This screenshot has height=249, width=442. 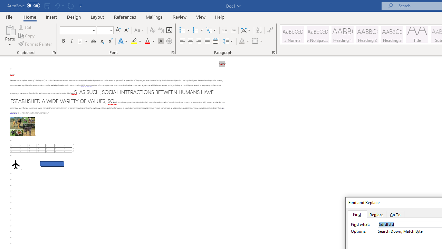 What do you see at coordinates (367, 35) in the screenshot?
I see `'Heading 2'` at bounding box center [367, 35].